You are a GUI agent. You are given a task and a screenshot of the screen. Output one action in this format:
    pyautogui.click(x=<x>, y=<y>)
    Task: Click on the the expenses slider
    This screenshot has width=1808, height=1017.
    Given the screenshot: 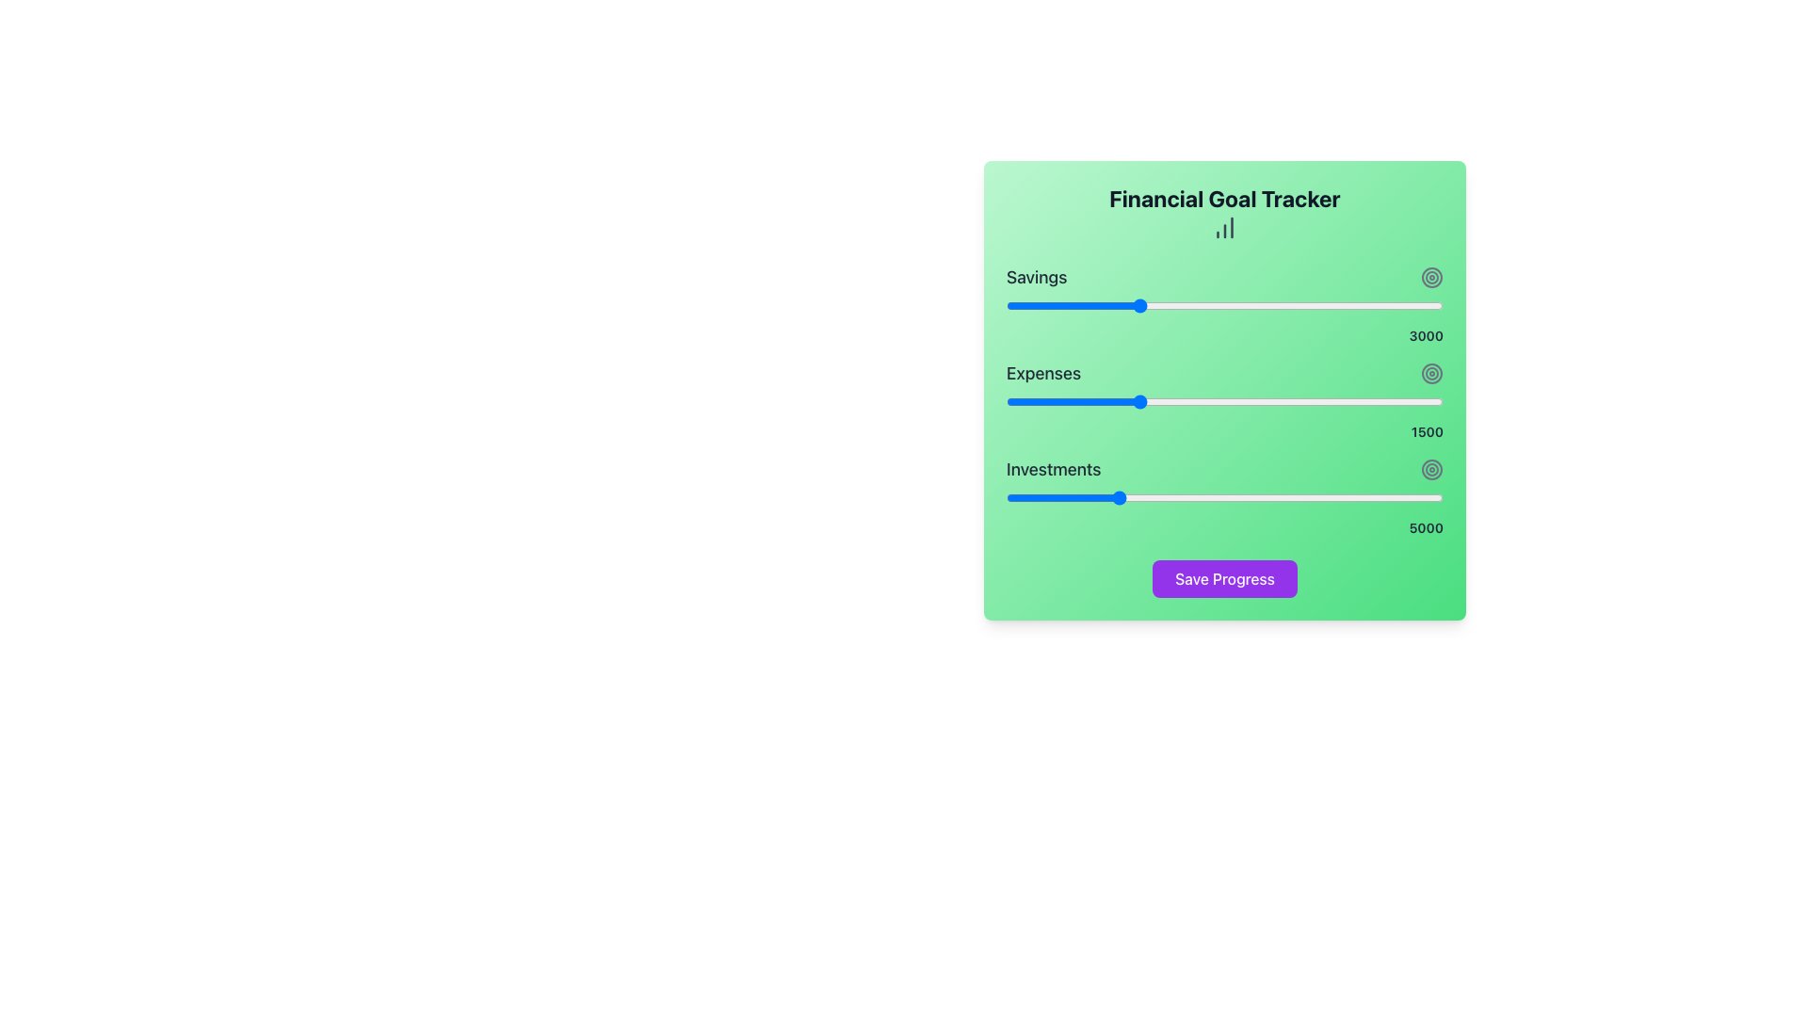 What is the action you would take?
    pyautogui.click(x=1274, y=401)
    